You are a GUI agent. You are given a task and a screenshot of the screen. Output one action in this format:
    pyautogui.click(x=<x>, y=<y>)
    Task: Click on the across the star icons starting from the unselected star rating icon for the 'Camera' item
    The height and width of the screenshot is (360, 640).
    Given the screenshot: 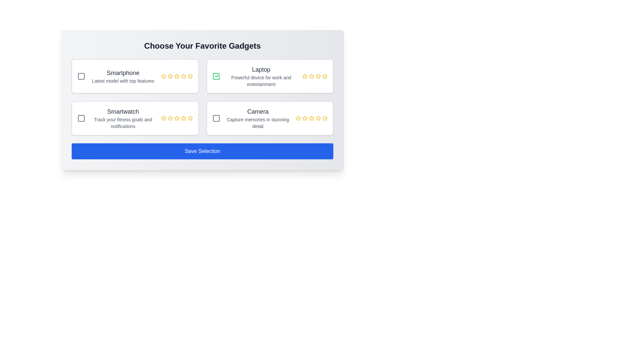 What is the action you would take?
    pyautogui.click(x=298, y=118)
    